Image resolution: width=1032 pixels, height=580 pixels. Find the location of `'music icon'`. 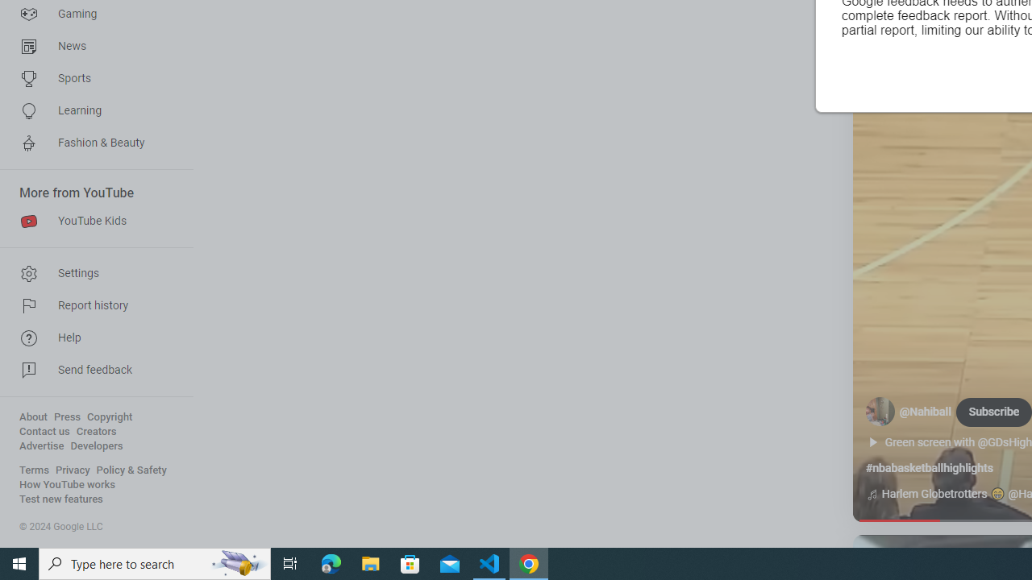

'music icon' is located at coordinates (871, 494).